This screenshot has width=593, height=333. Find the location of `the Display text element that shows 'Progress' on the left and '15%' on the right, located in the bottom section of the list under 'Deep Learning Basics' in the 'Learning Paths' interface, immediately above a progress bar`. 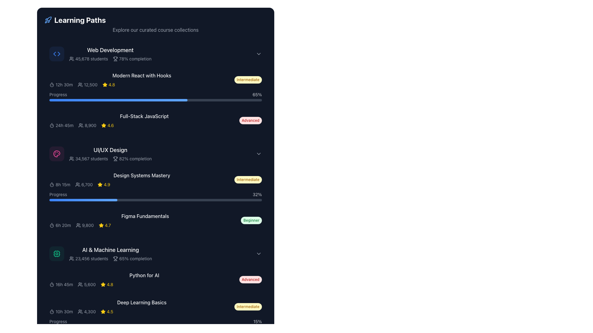

the Display text element that shows 'Progress' on the left and '15%' on the right, located in the bottom section of the list under 'Deep Learning Basics' in the 'Learning Paths' interface, immediately above a progress bar is located at coordinates (156, 321).